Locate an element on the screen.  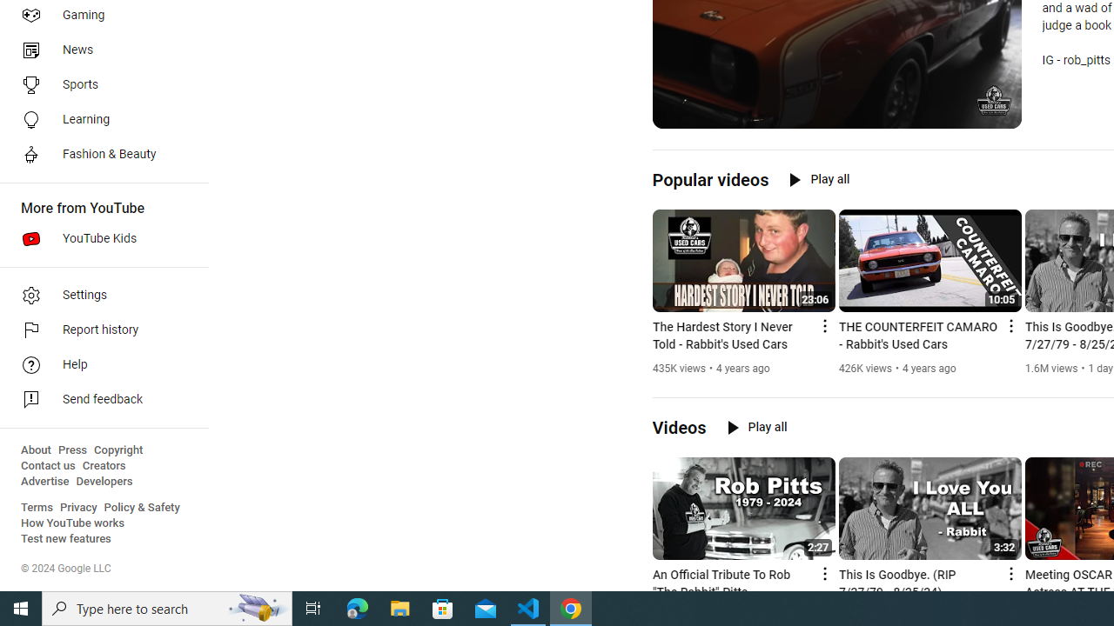
'Contact us' is located at coordinates (48, 465).